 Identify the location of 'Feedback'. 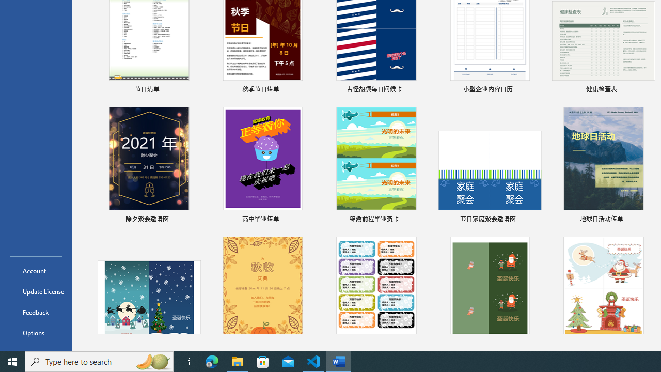
(36, 312).